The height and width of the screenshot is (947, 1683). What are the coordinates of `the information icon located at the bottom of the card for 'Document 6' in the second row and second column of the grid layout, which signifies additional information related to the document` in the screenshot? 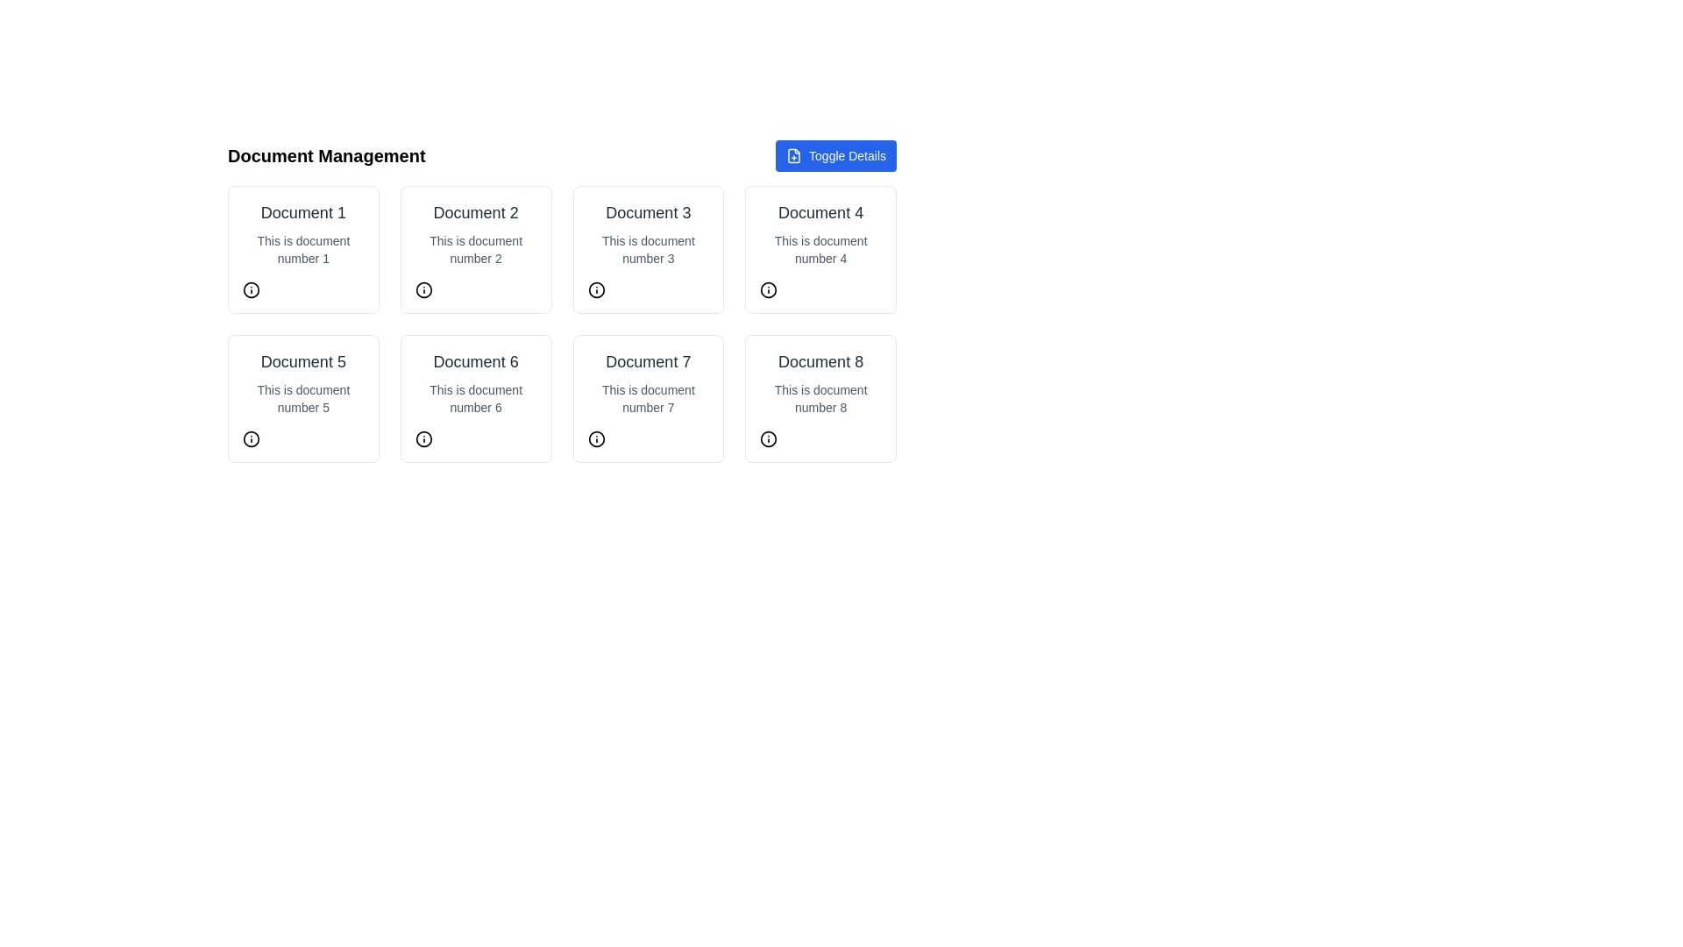 It's located at (423, 438).